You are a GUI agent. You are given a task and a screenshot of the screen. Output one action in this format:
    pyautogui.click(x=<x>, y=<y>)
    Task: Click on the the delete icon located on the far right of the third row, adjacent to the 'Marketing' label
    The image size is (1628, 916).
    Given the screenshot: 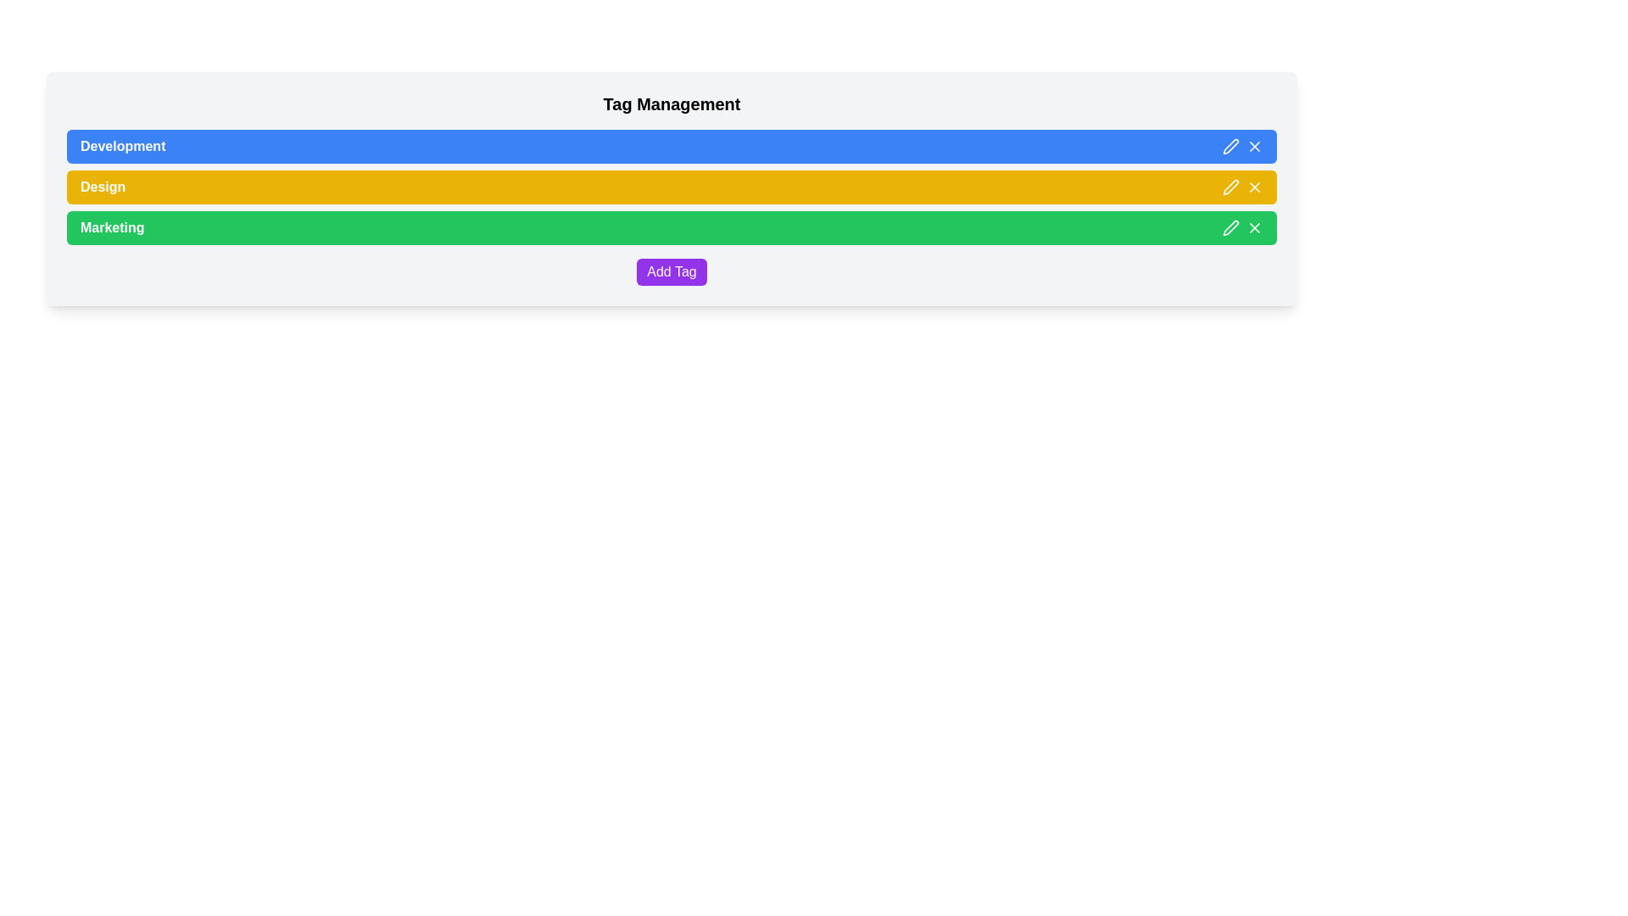 What is the action you would take?
    pyautogui.click(x=1254, y=227)
    